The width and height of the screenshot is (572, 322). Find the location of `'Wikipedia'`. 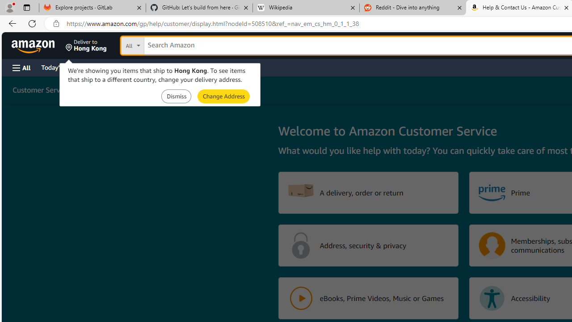

'Wikipedia' is located at coordinates (306, 8).